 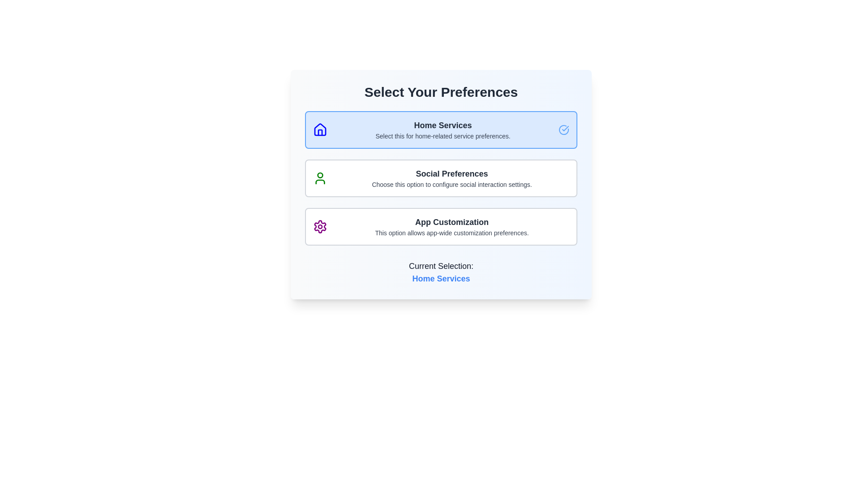 I want to click on text description located below the 'App Customization' title, which provides a brief explanation of the option, so click(x=451, y=233).